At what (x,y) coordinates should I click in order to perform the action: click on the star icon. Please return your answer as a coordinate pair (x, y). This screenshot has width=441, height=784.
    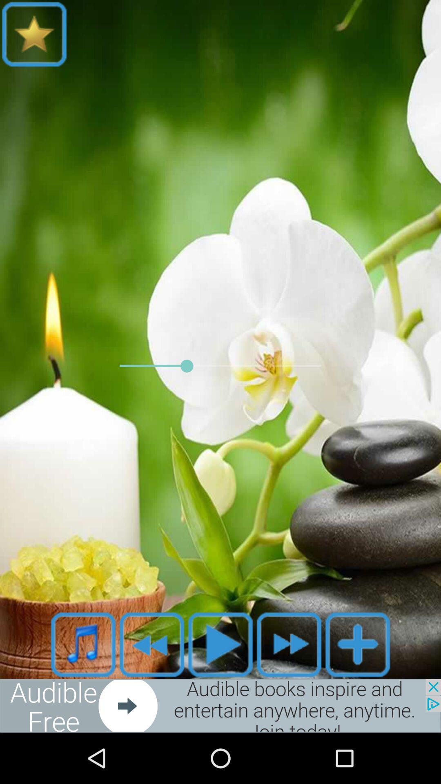
    Looking at the image, I should click on (34, 33).